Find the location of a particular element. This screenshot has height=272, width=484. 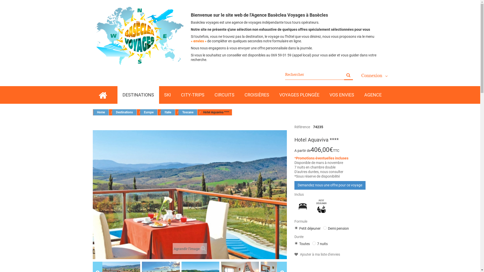

'Demandez nous une offre pour ce voyage' is located at coordinates (294, 185).